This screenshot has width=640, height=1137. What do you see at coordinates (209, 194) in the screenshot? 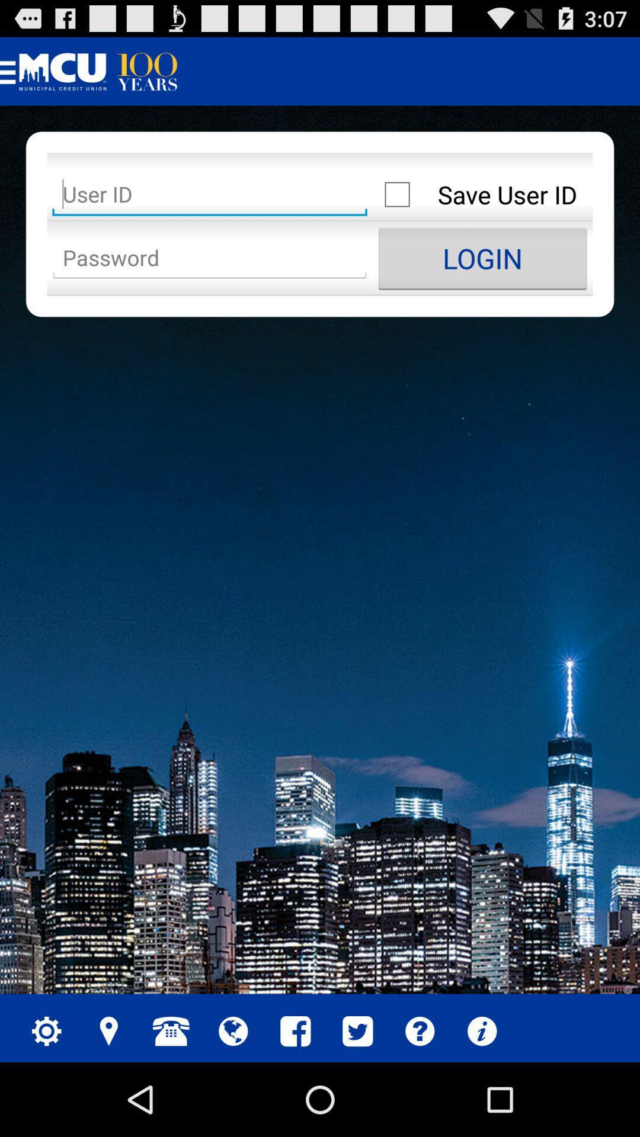
I see `user id` at bounding box center [209, 194].